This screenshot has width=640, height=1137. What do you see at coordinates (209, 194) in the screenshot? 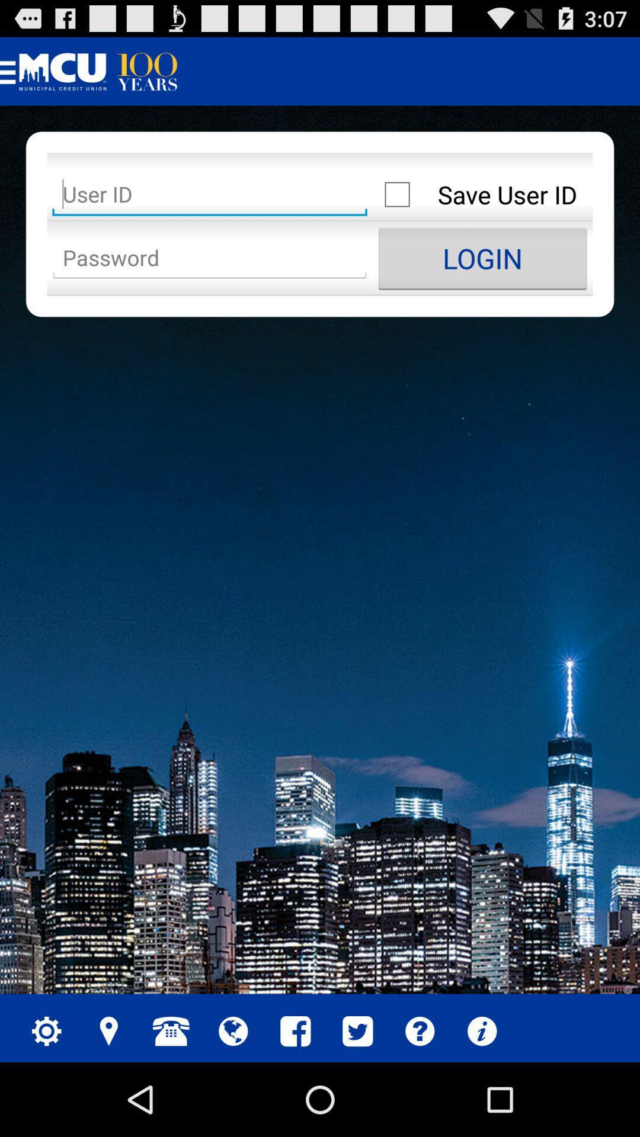
I see `user id` at bounding box center [209, 194].